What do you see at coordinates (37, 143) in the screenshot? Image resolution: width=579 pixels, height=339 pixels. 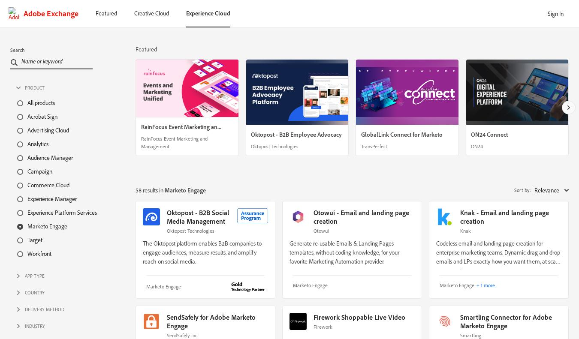 I see `'Analytics'` at bounding box center [37, 143].